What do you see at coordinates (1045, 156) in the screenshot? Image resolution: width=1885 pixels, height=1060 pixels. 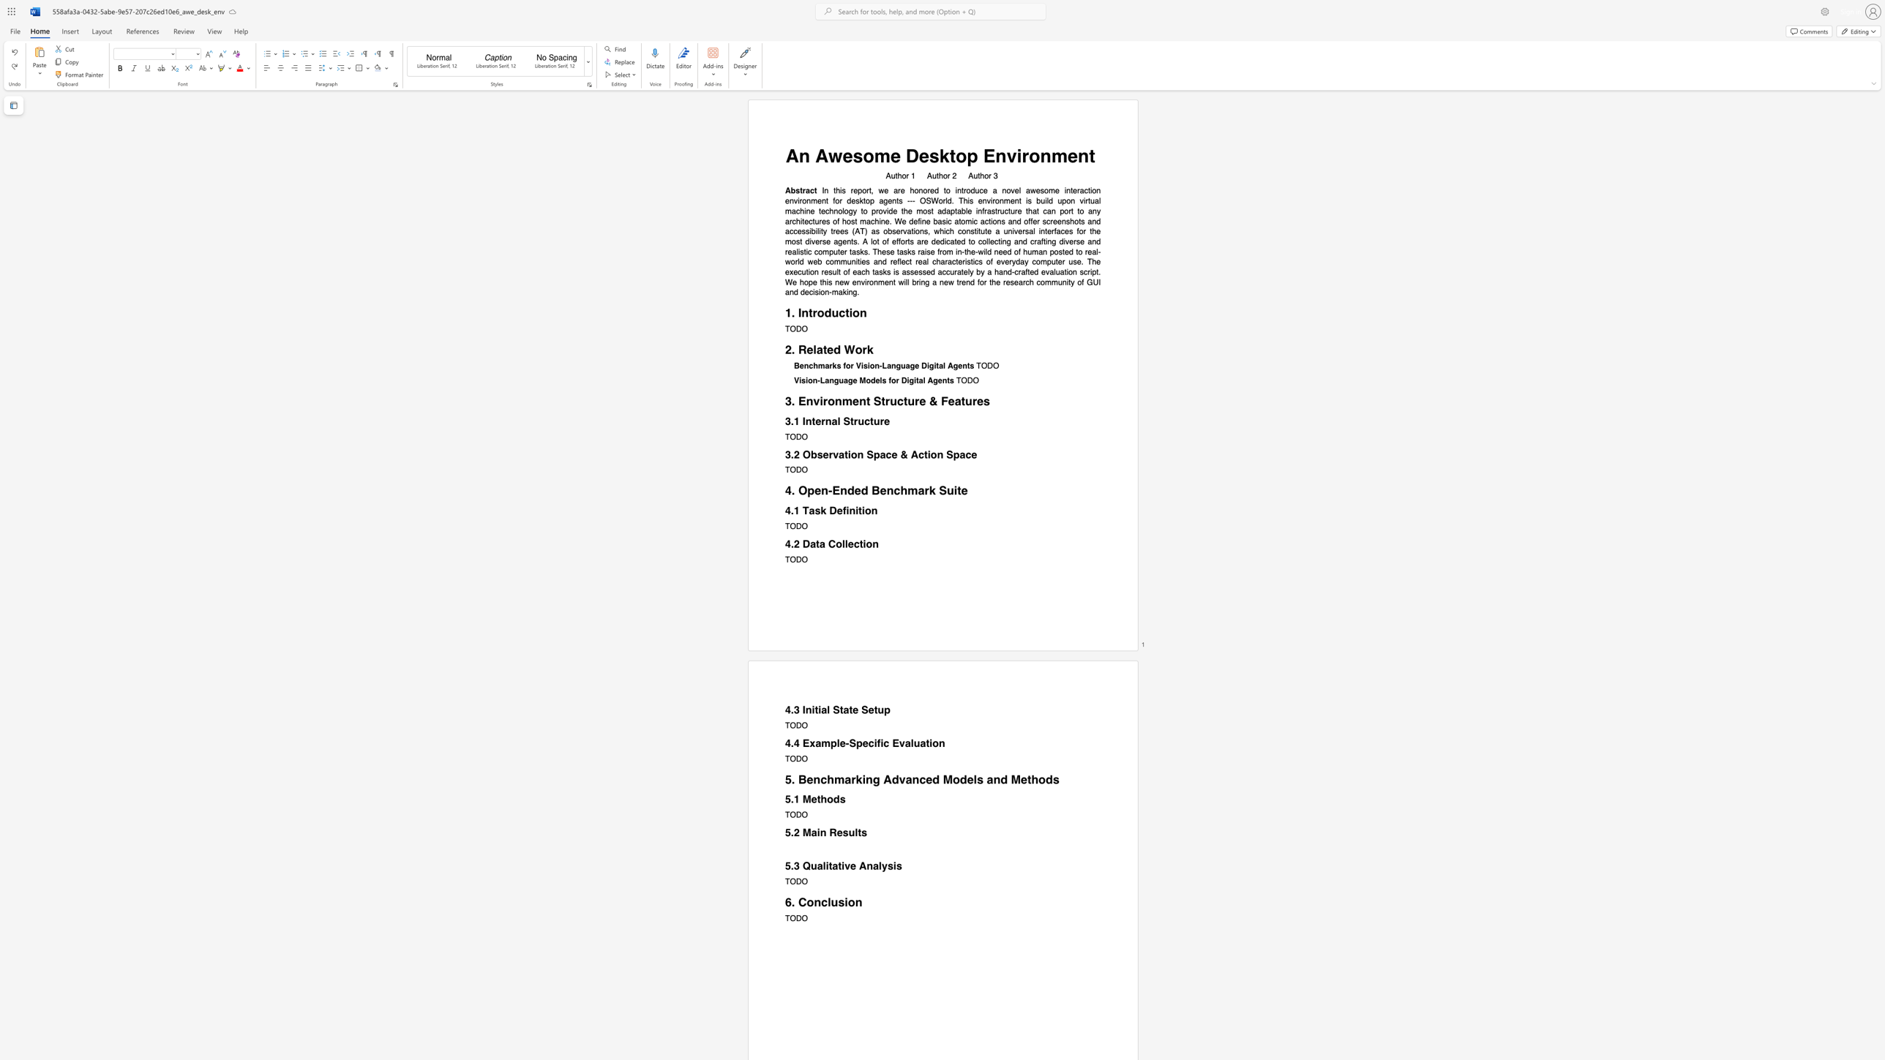 I see `the 3th character "n" in the text` at bounding box center [1045, 156].